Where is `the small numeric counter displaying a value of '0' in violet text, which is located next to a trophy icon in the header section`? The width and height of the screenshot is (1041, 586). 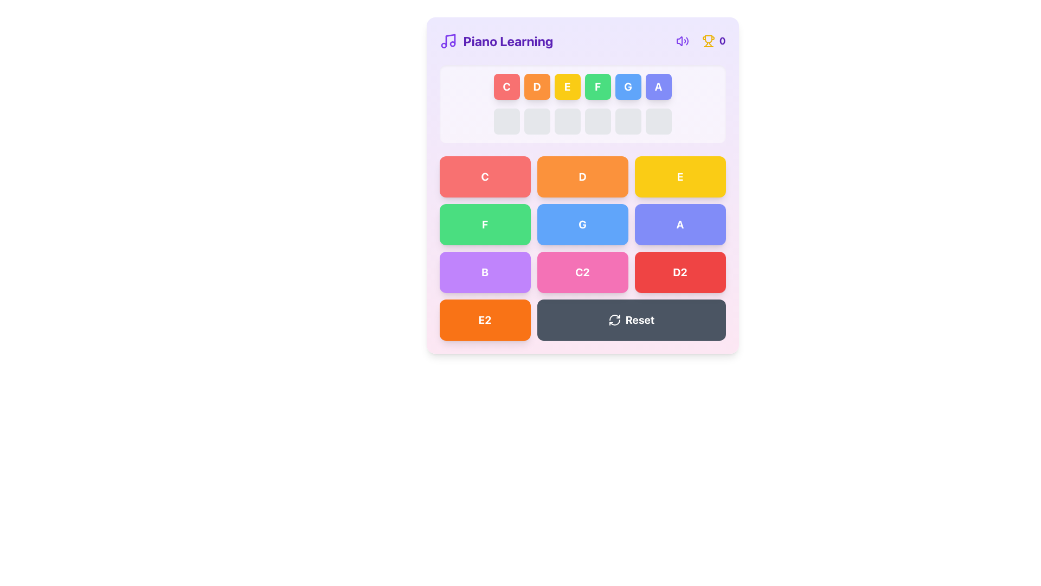
the small numeric counter displaying a value of '0' in violet text, which is located next to a trophy icon in the header section is located at coordinates (698, 41).